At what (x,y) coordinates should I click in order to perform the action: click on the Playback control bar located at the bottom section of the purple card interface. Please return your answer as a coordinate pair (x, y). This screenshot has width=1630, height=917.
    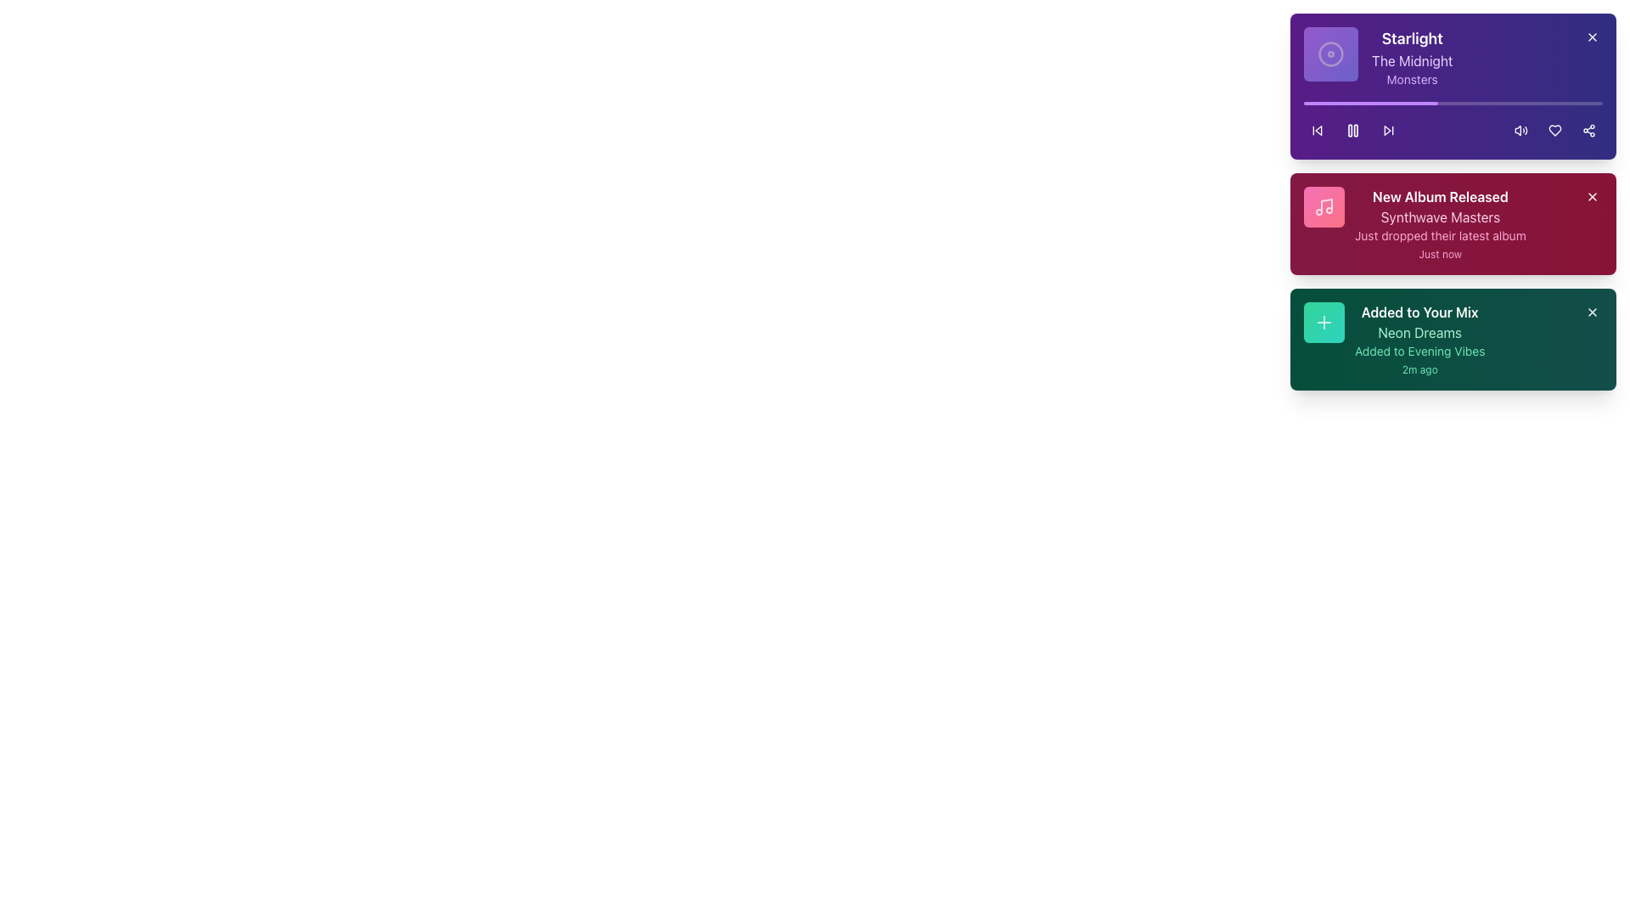
    Looking at the image, I should click on (1453, 130).